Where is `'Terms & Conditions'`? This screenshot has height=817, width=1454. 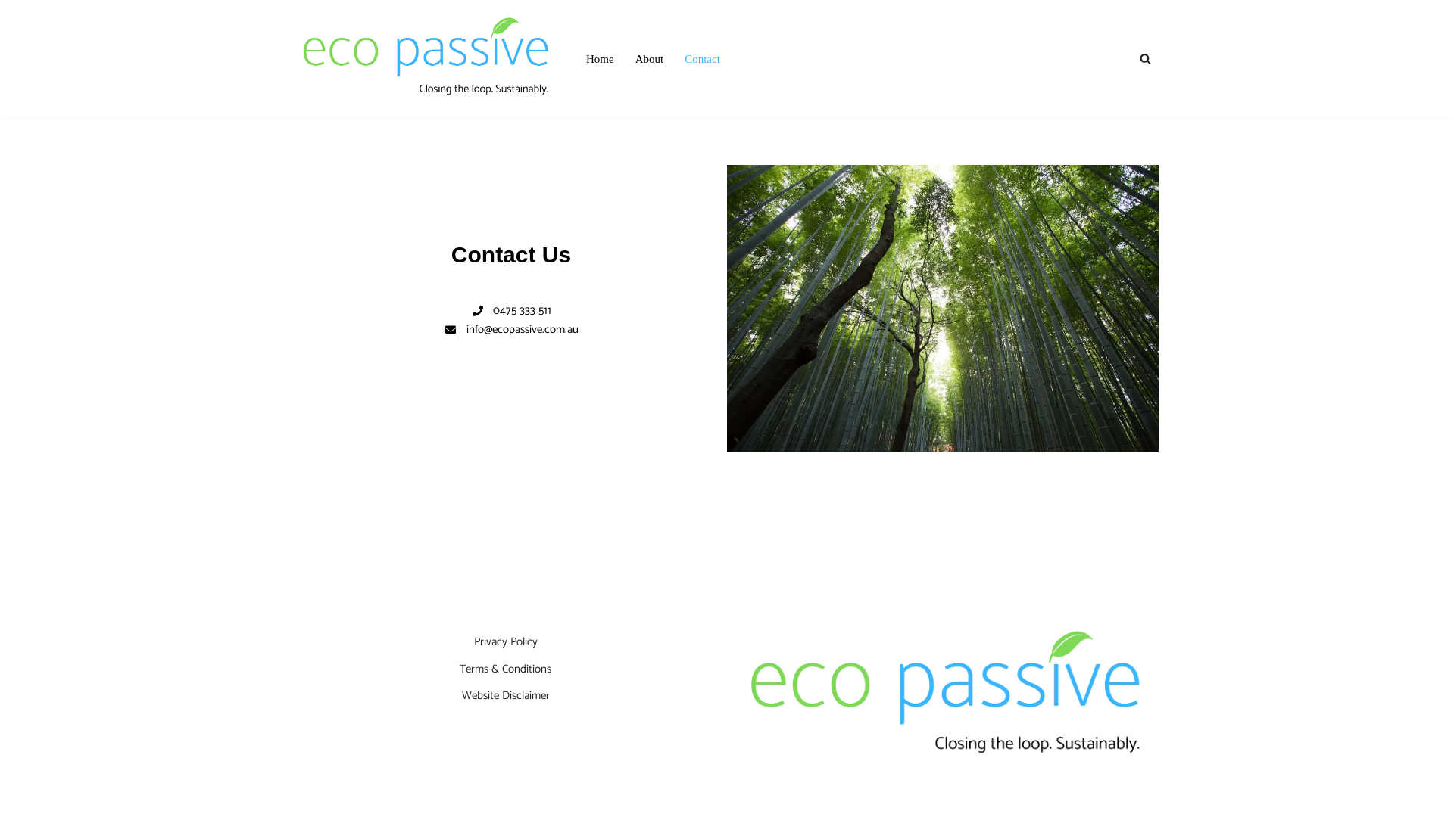
'Terms & Conditions' is located at coordinates (505, 668).